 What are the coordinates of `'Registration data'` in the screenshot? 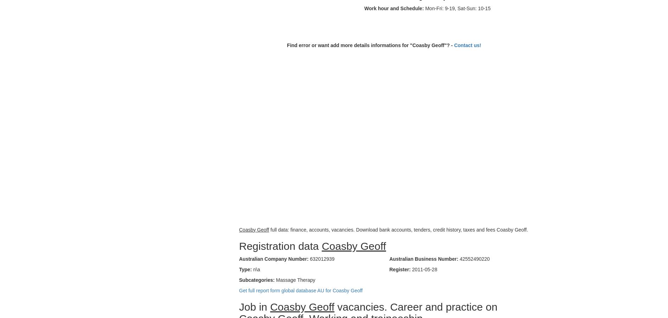 It's located at (239, 246).